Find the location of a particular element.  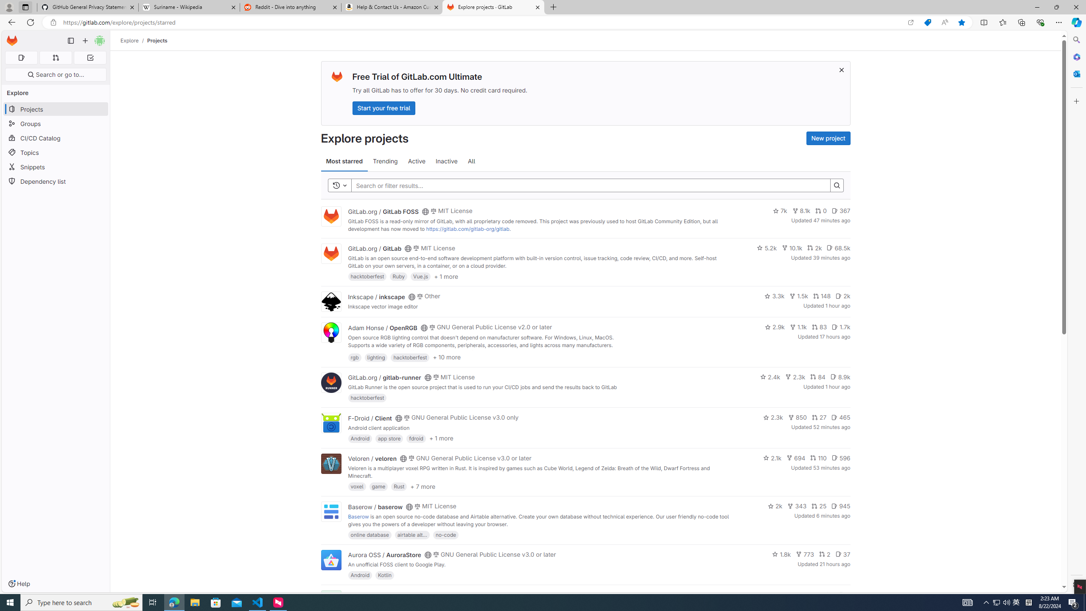

'367' is located at coordinates (840, 211).